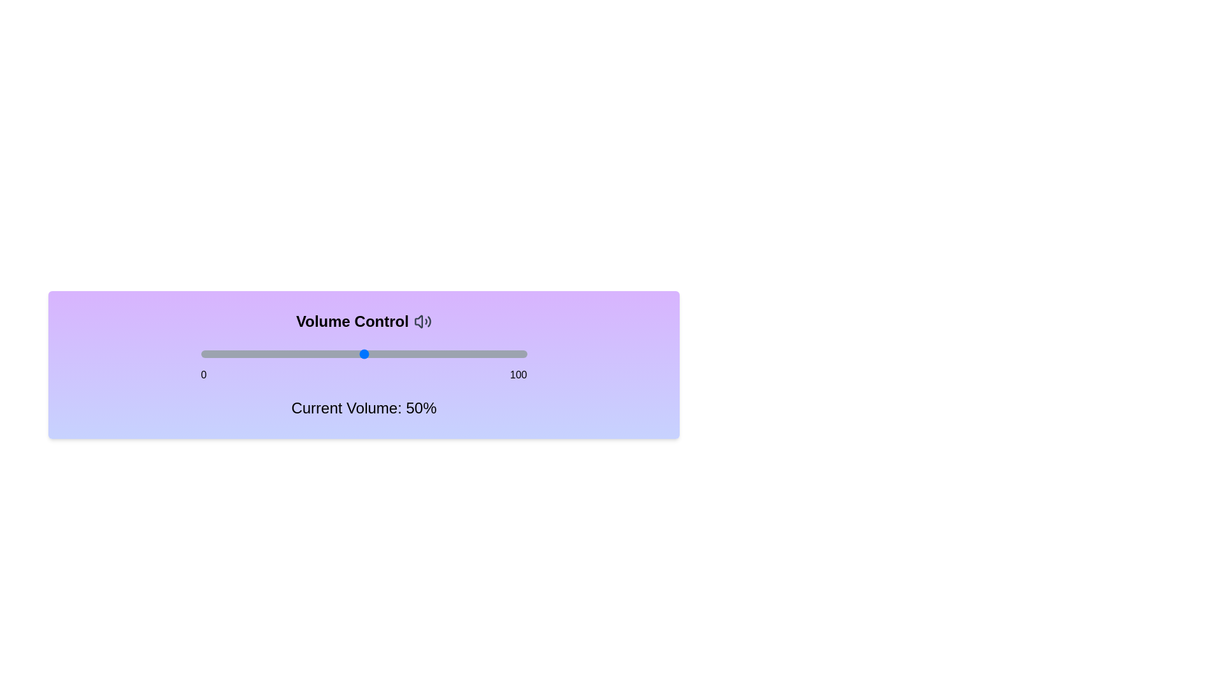 The height and width of the screenshot is (688, 1223). What do you see at coordinates (389, 354) in the screenshot?
I see `the volume to 58% by dragging the slider` at bounding box center [389, 354].